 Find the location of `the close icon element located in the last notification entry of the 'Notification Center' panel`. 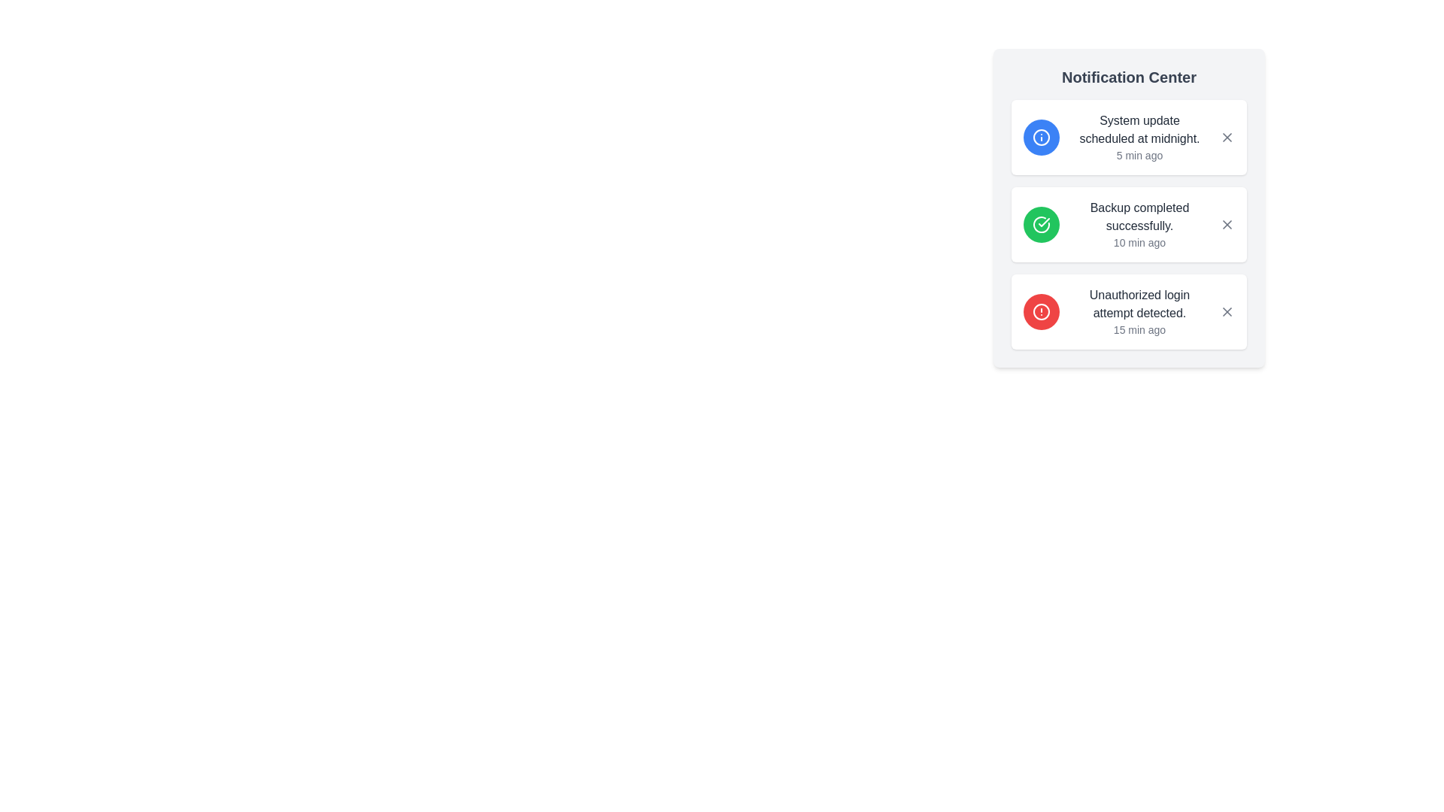

the close icon element located in the last notification entry of the 'Notification Center' panel is located at coordinates (1227, 311).